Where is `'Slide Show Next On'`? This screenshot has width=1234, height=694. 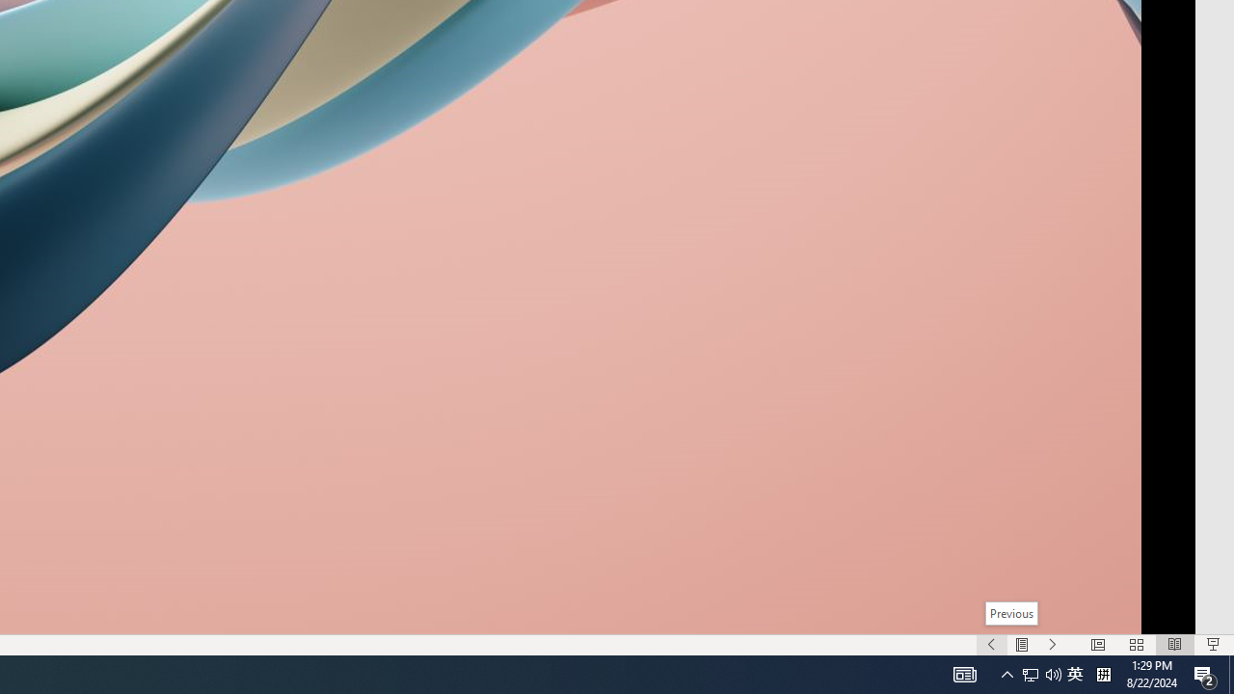
'Slide Show Next On' is located at coordinates (1052, 645).